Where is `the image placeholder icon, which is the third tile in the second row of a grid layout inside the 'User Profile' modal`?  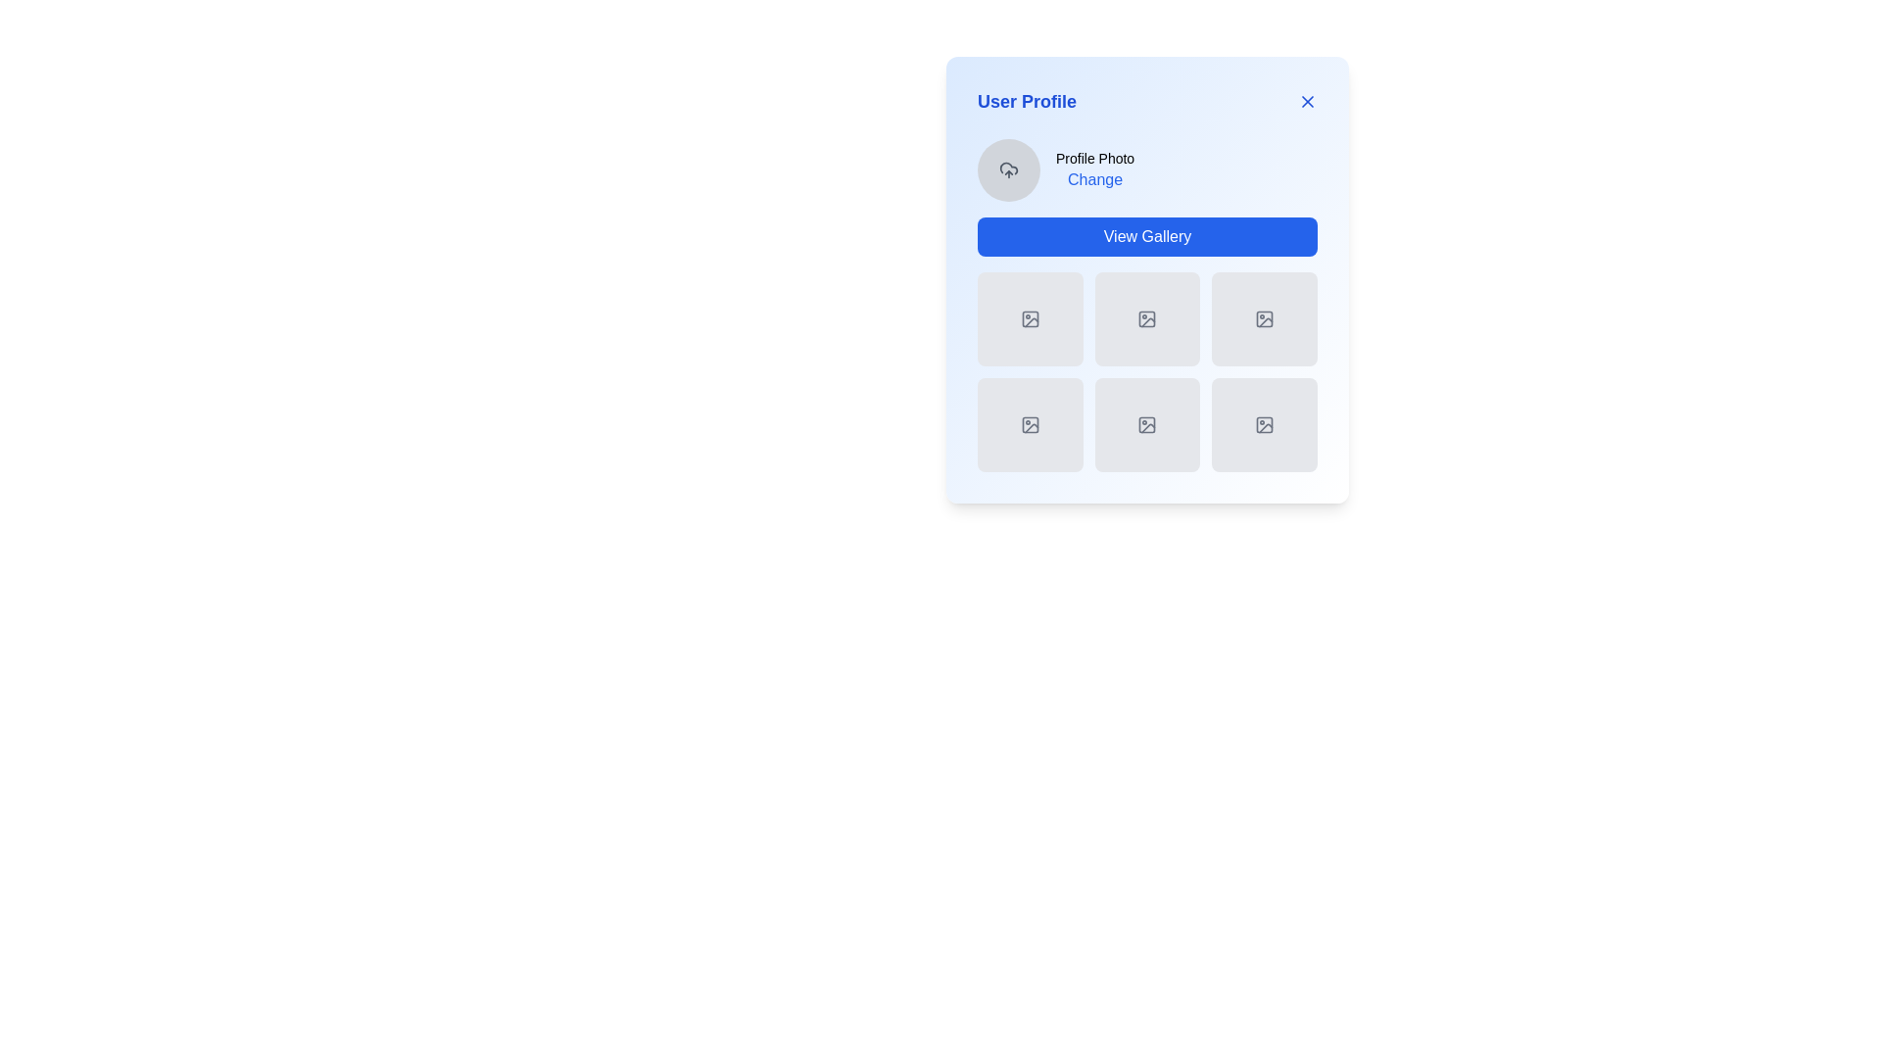 the image placeholder icon, which is the third tile in the second row of a grid layout inside the 'User Profile' modal is located at coordinates (1265, 318).